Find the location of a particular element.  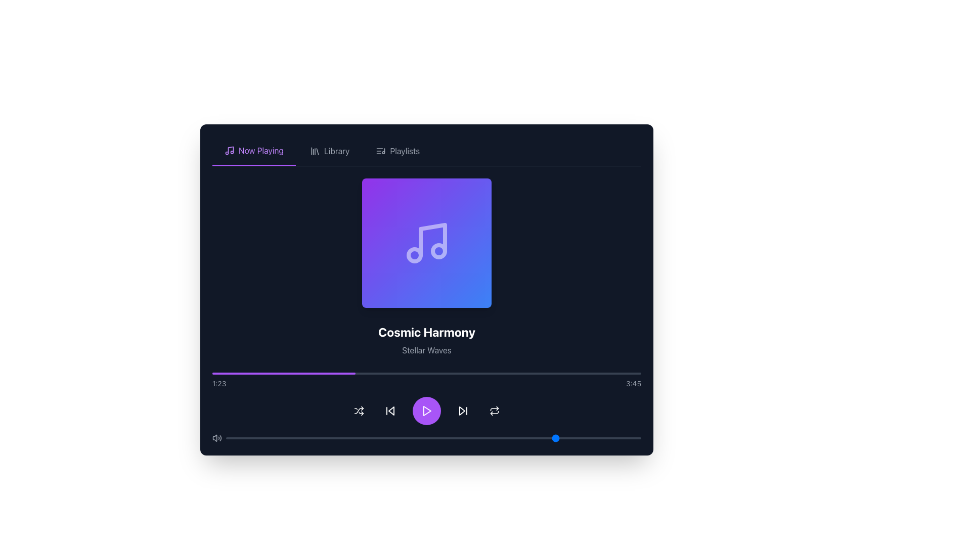

the static text label displaying '3:45' in light gray on a dark background, located at the bottom-right corner of the interface is located at coordinates (633, 384).